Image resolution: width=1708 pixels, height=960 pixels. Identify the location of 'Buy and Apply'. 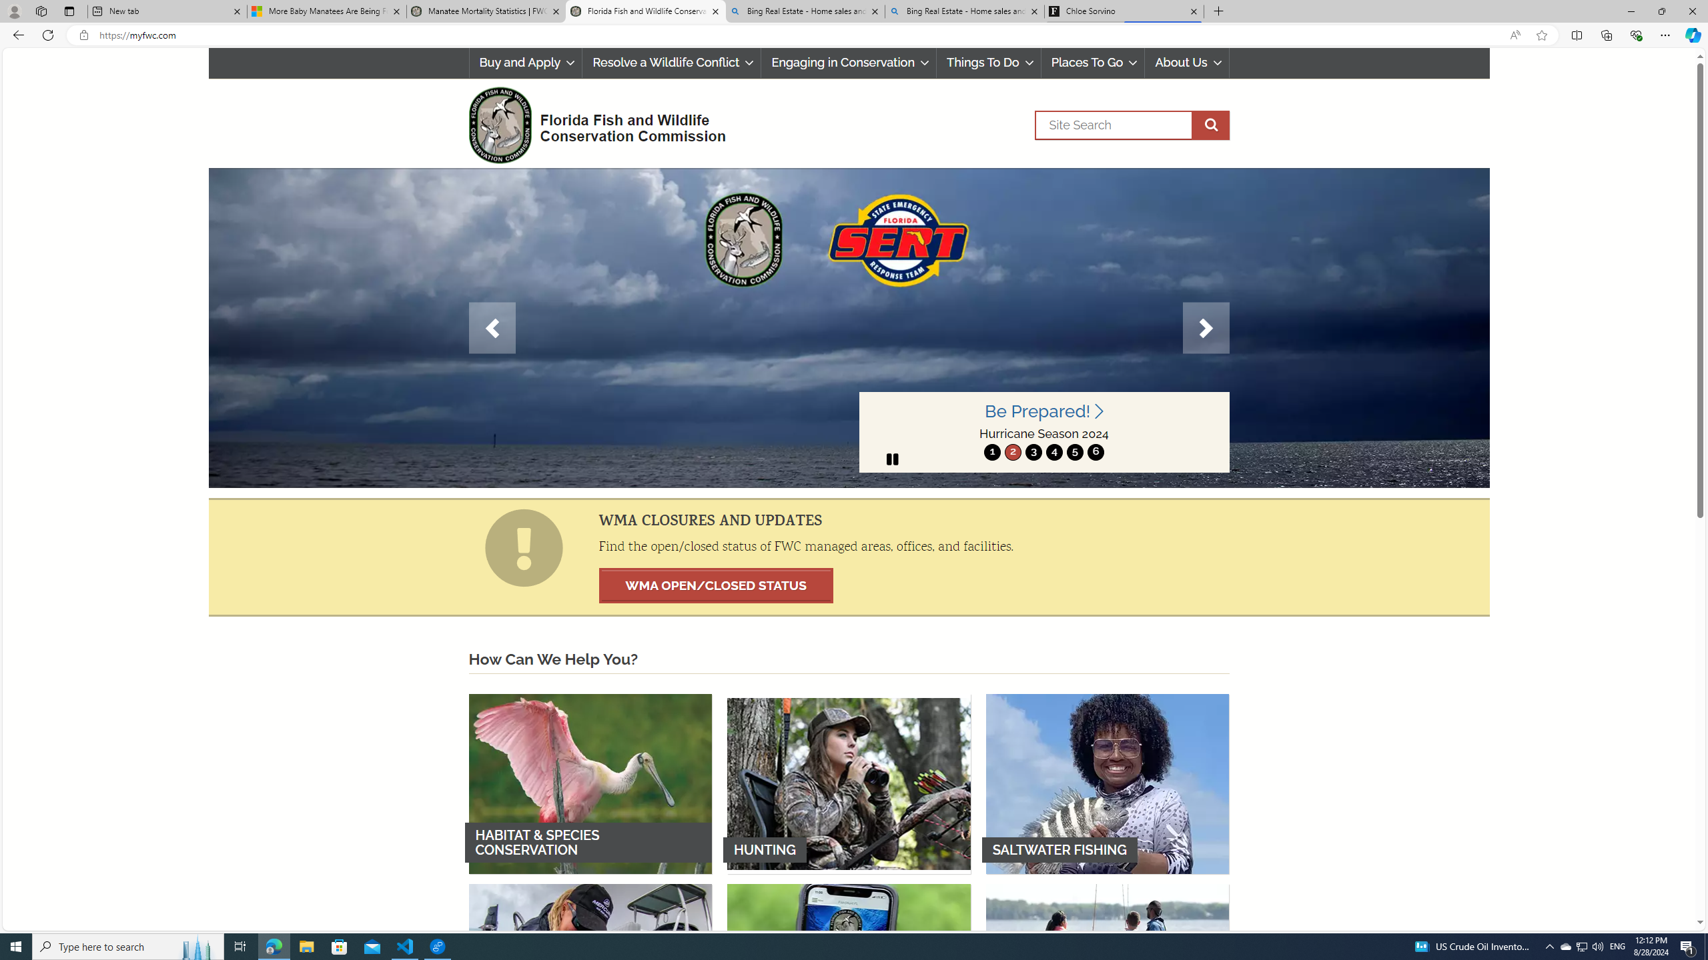
(524, 62).